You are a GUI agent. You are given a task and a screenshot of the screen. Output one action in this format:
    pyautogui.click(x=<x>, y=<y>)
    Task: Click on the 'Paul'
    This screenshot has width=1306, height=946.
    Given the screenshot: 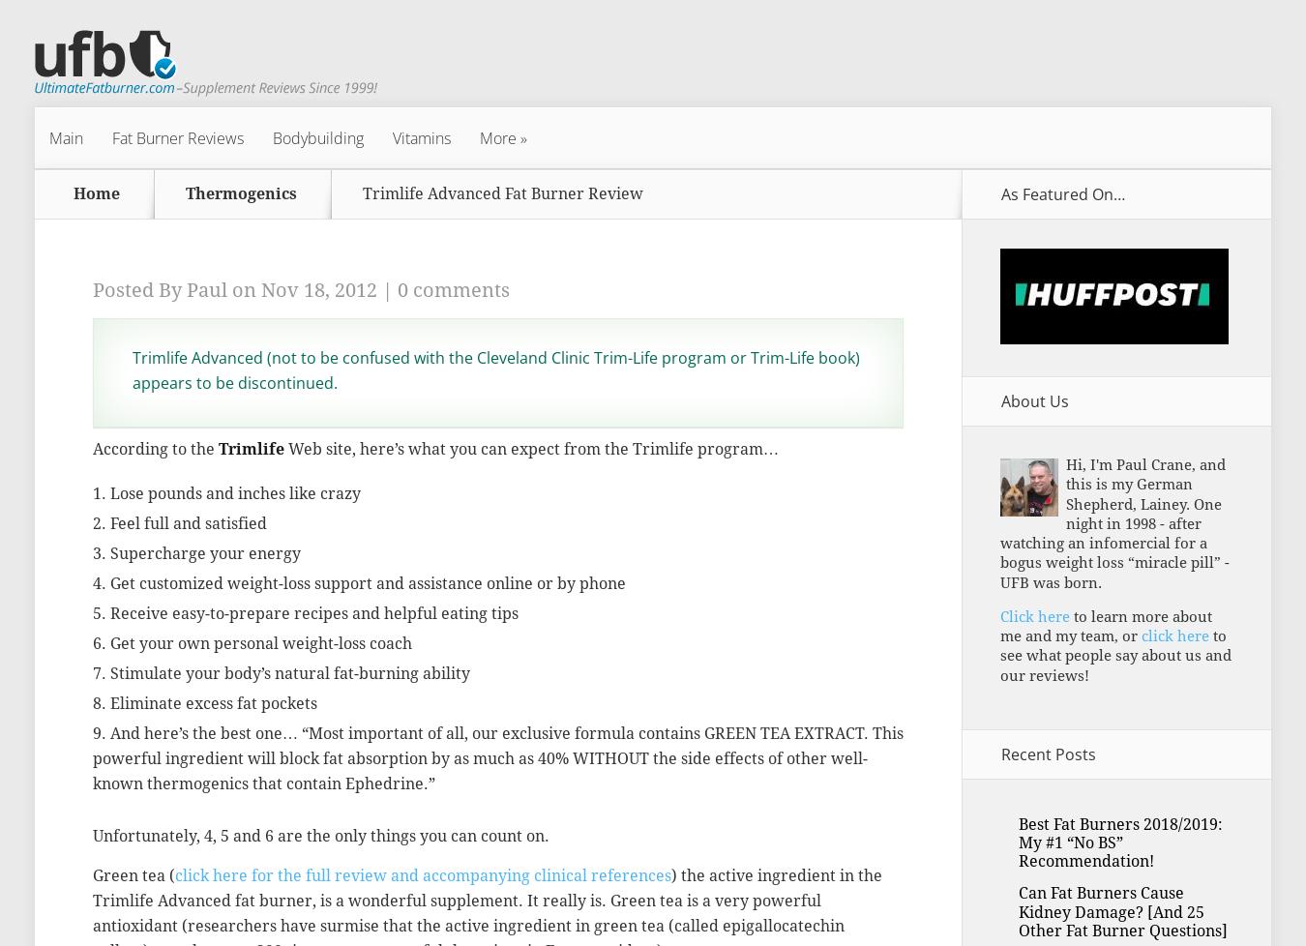 What is the action you would take?
    pyautogui.click(x=187, y=288)
    